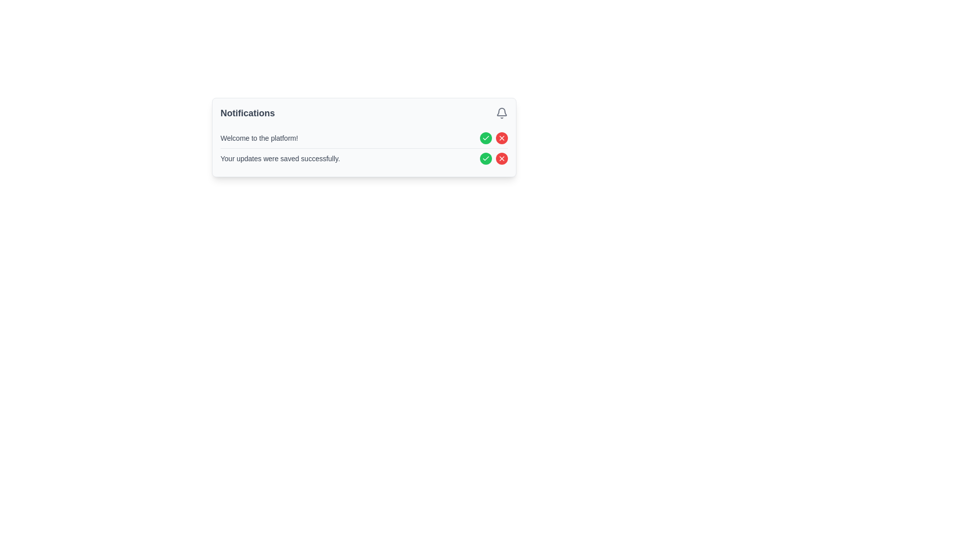 The width and height of the screenshot is (958, 539). Describe the element at coordinates (486, 158) in the screenshot. I see `the leftmost button in the horizontal layout, which serves as a confirm or accept action` at that location.